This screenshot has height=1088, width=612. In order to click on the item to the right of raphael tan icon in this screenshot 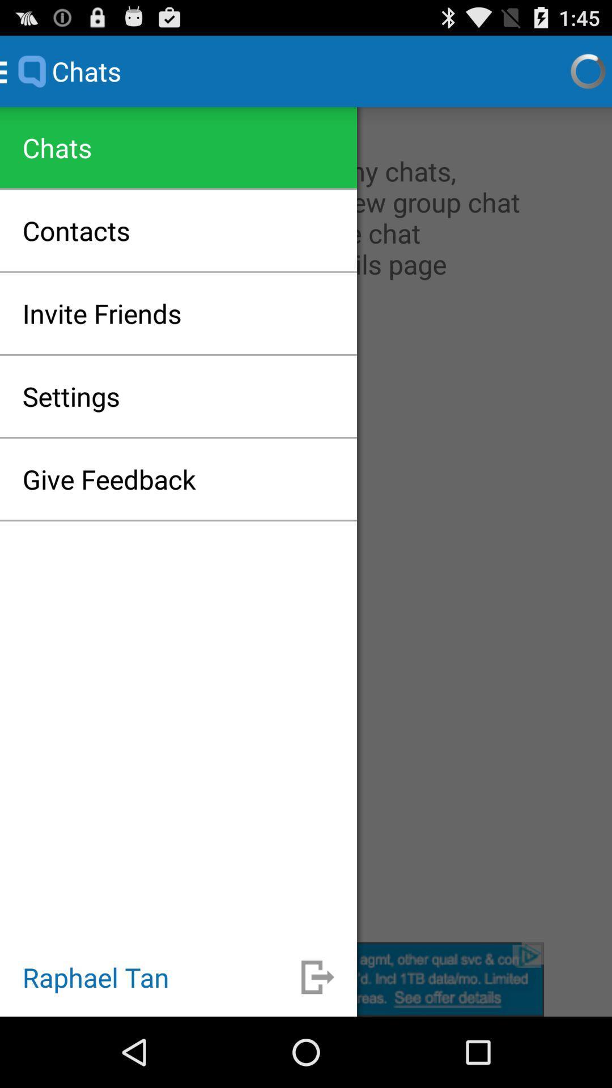, I will do `click(317, 976)`.